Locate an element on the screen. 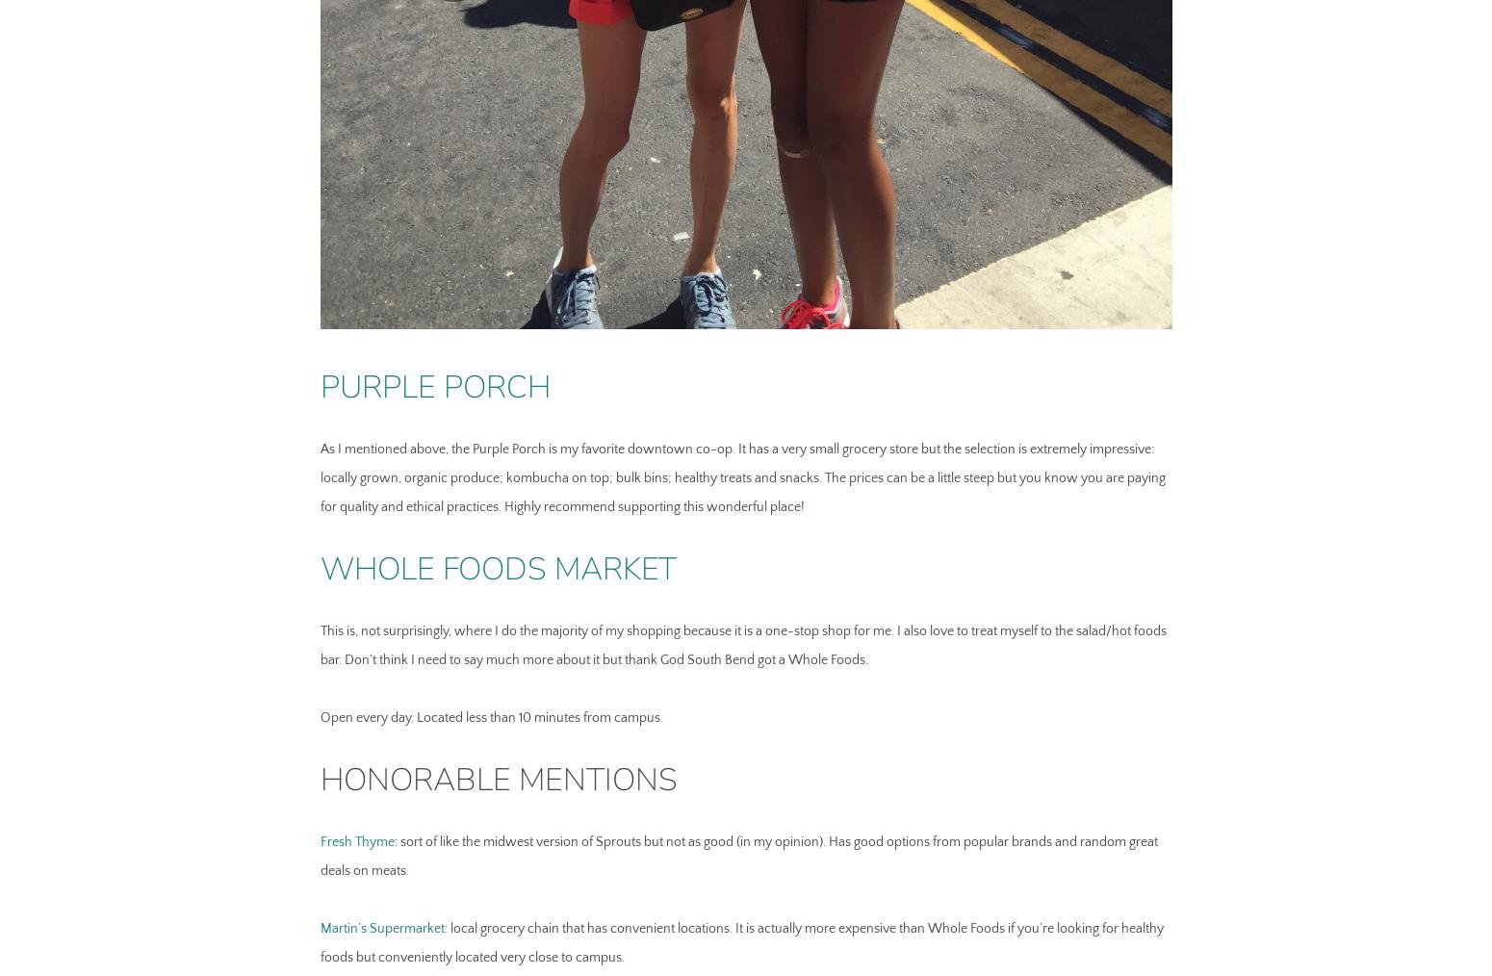 The width and height of the screenshot is (1492, 976). 'Honorable Mentions' is located at coordinates (497, 779).